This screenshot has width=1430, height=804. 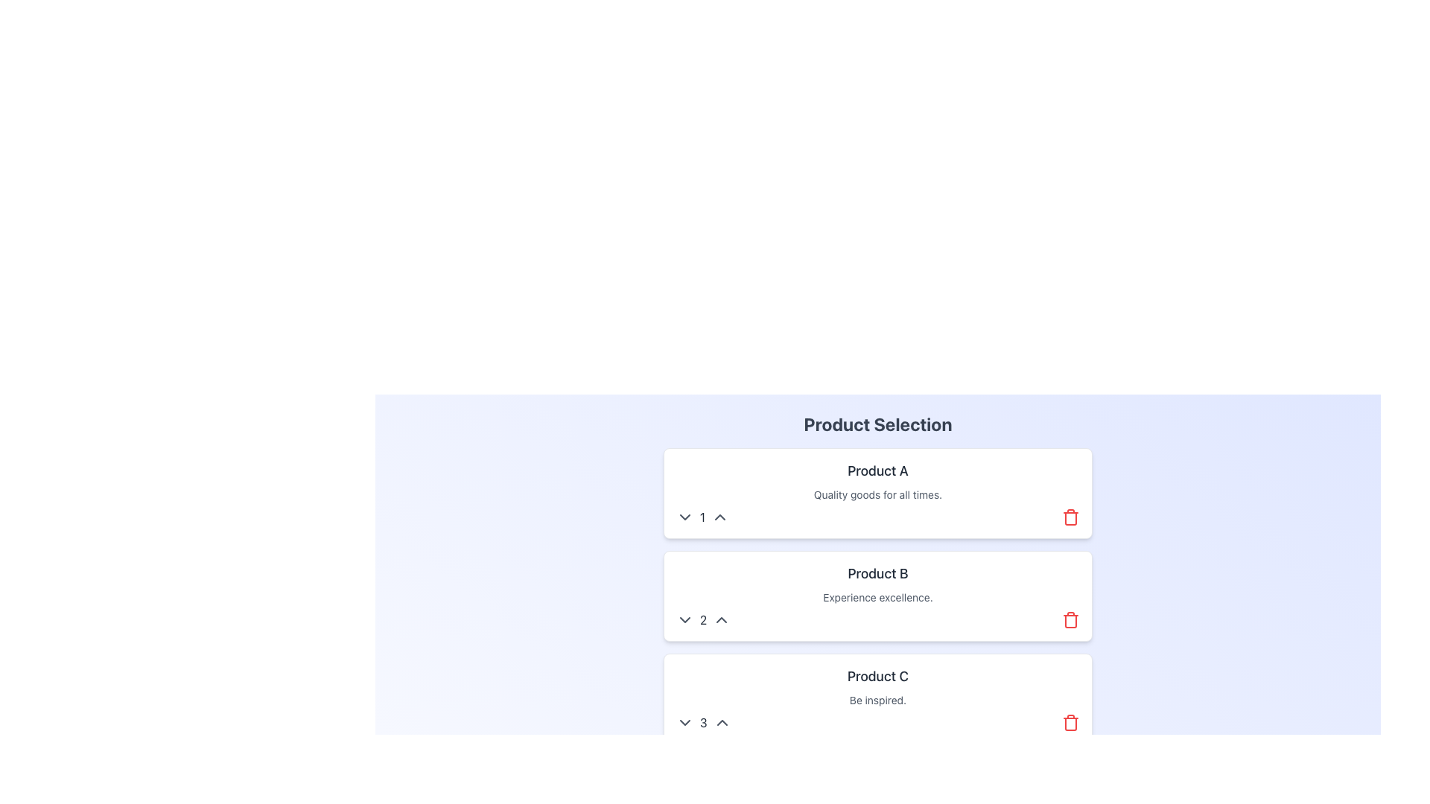 What do you see at coordinates (720, 516) in the screenshot?
I see `the interactive button located to the right of the number '1' beneath 'Product A' to increase the value or priority associated with the product listing` at bounding box center [720, 516].